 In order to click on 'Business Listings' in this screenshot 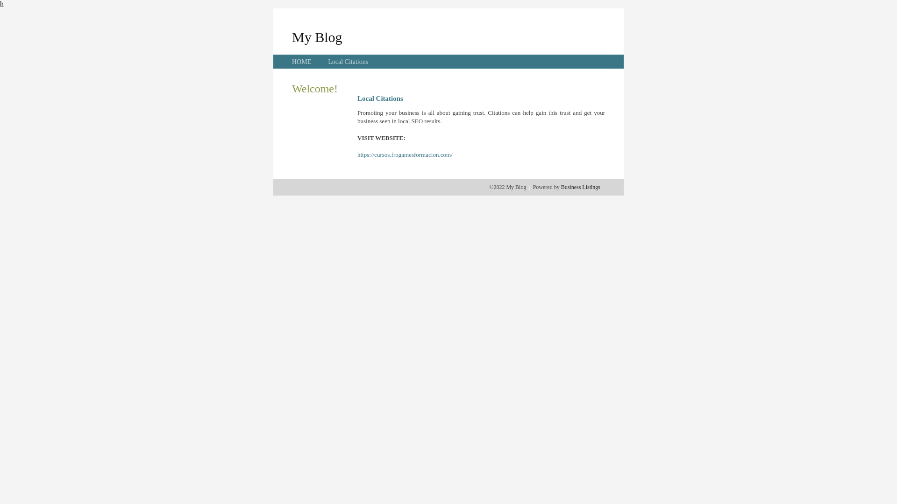, I will do `click(580, 187)`.